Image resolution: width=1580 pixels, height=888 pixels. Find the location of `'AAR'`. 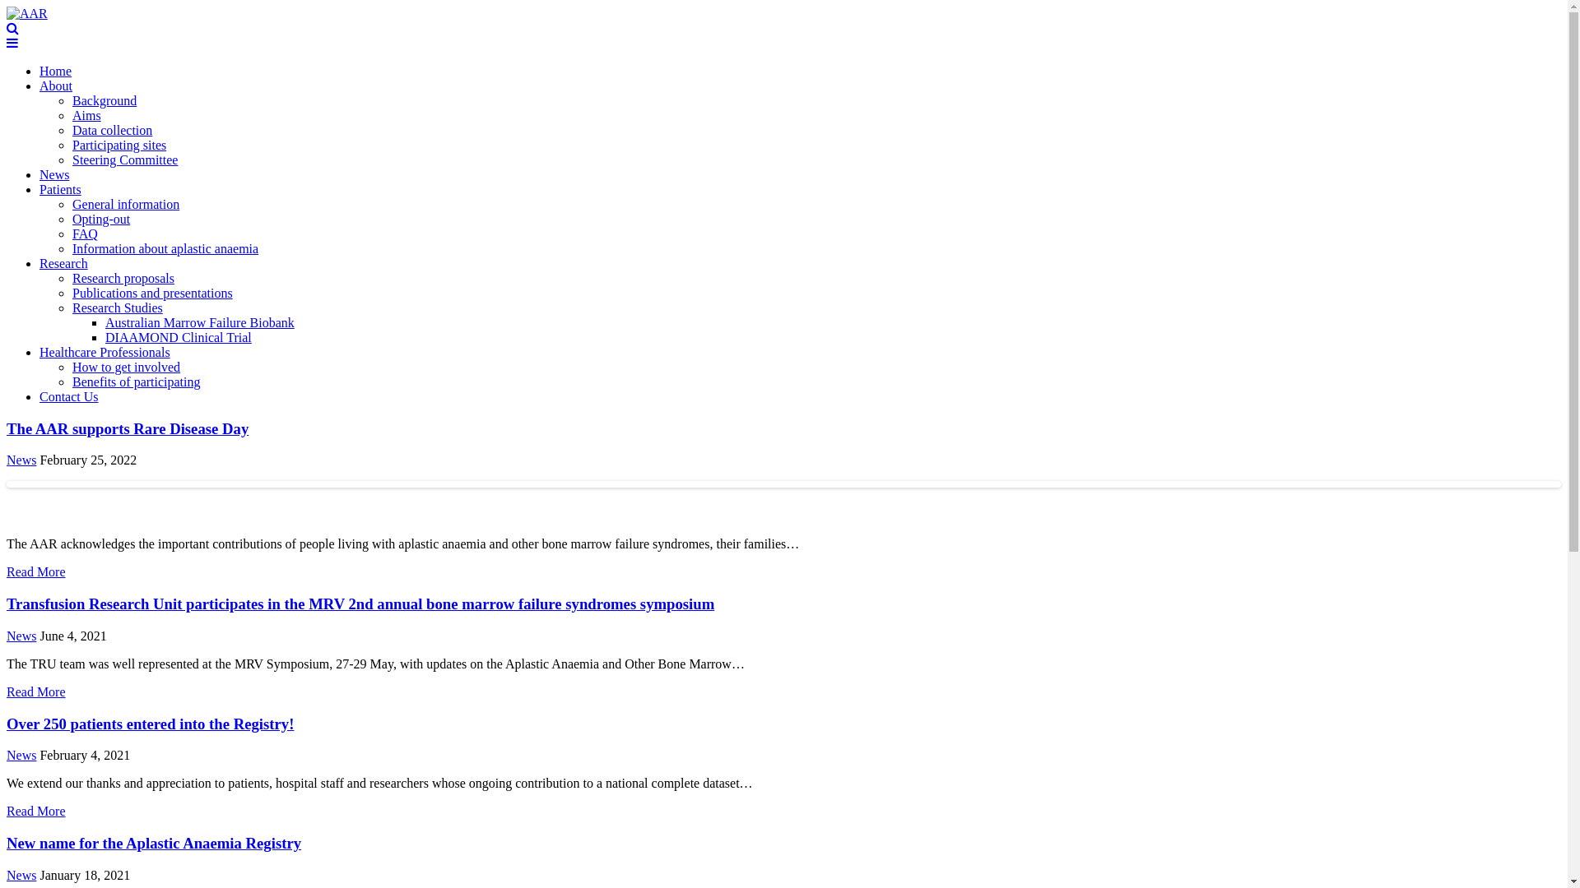

'AAR' is located at coordinates (27, 13).